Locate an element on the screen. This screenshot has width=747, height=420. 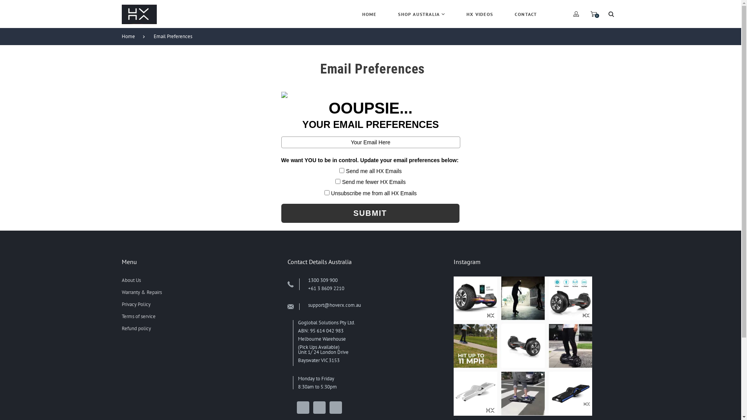
'Email Preferences' is located at coordinates (176, 36).